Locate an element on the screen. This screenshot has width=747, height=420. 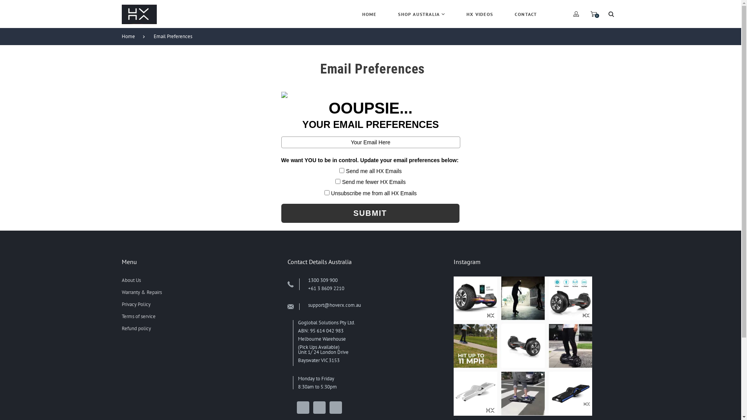
'Email Preferences' is located at coordinates (176, 36).